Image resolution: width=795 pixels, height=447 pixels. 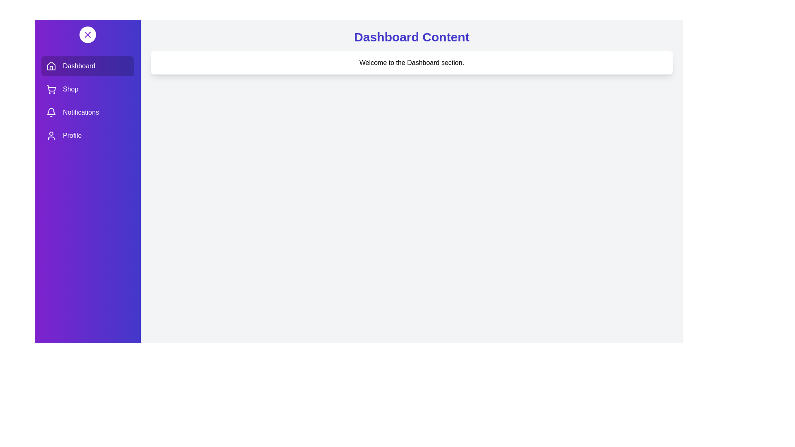 What do you see at coordinates (87, 65) in the screenshot?
I see `the Dashboard section in the drawer to activate it` at bounding box center [87, 65].